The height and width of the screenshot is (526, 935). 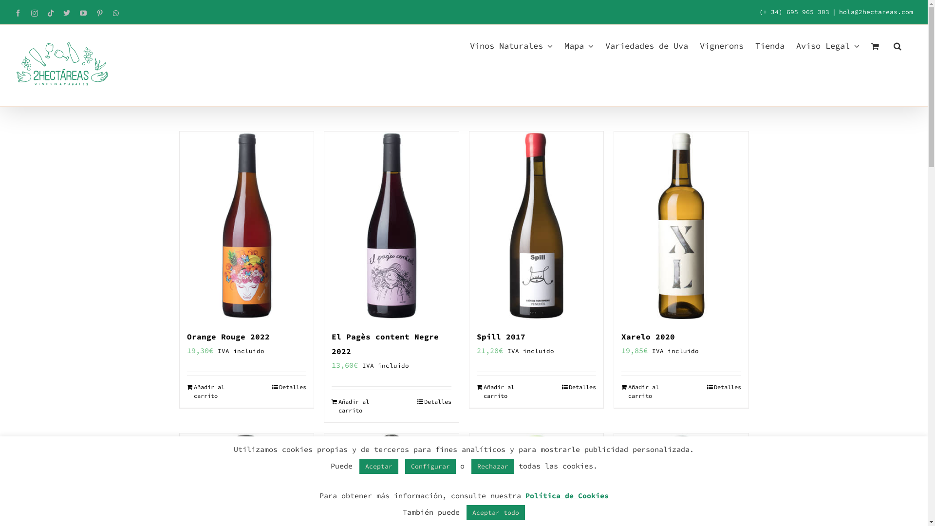 What do you see at coordinates (35, 13) in the screenshot?
I see `'Instagram'` at bounding box center [35, 13].